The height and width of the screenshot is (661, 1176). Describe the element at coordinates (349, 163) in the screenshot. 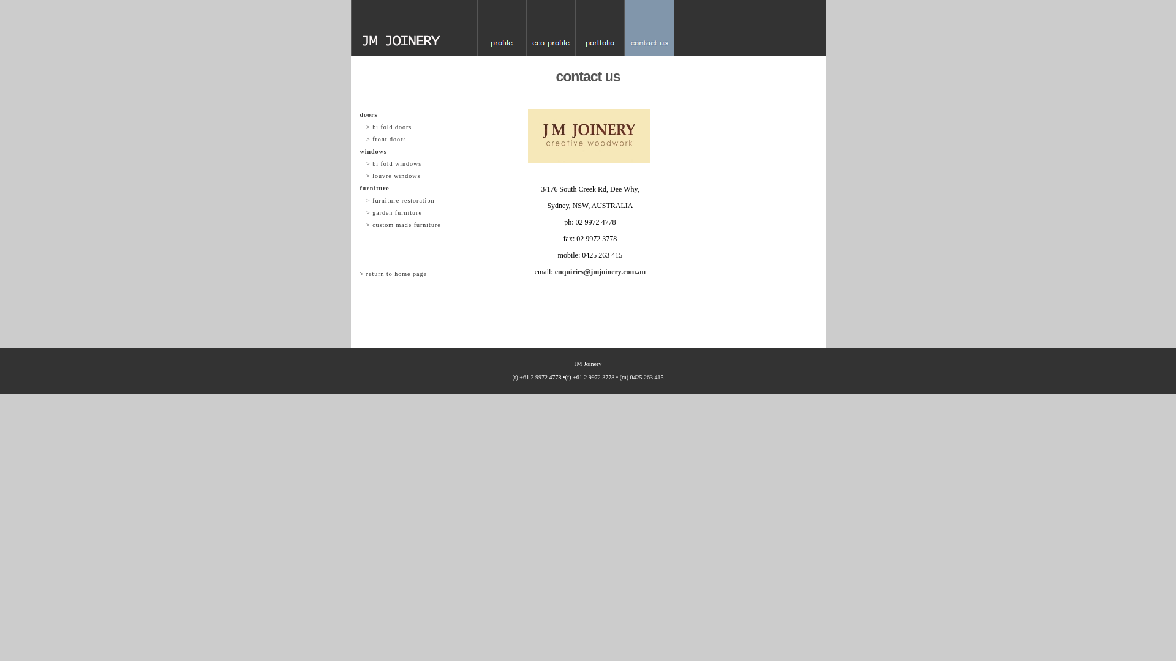

I see `'   > bi fold windows'` at that location.